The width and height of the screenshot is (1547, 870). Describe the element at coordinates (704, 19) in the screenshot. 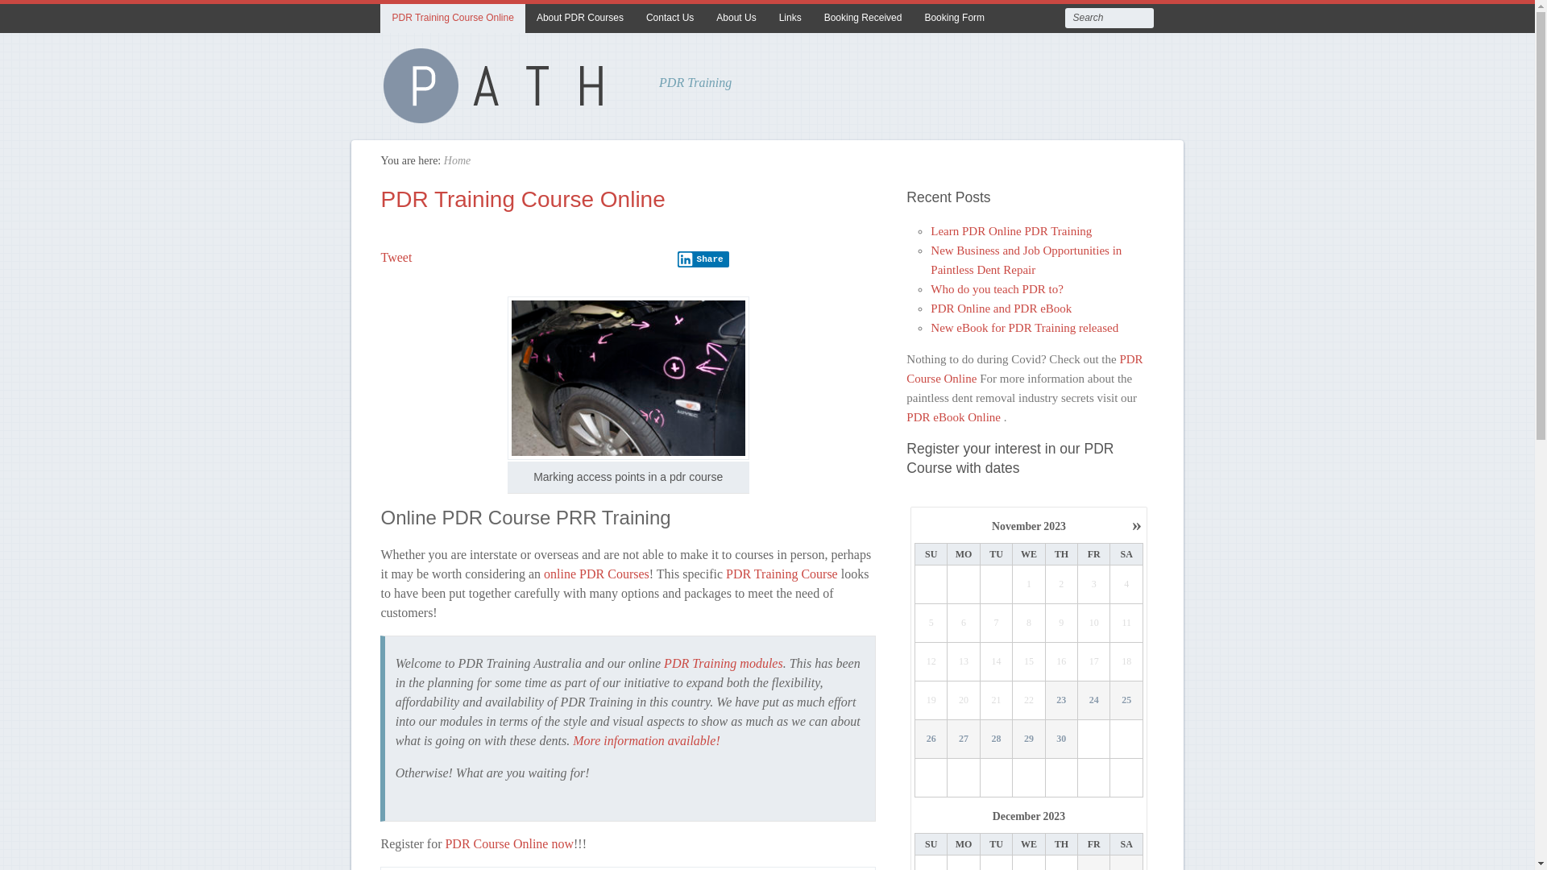

I see `'About Us'` at that location.